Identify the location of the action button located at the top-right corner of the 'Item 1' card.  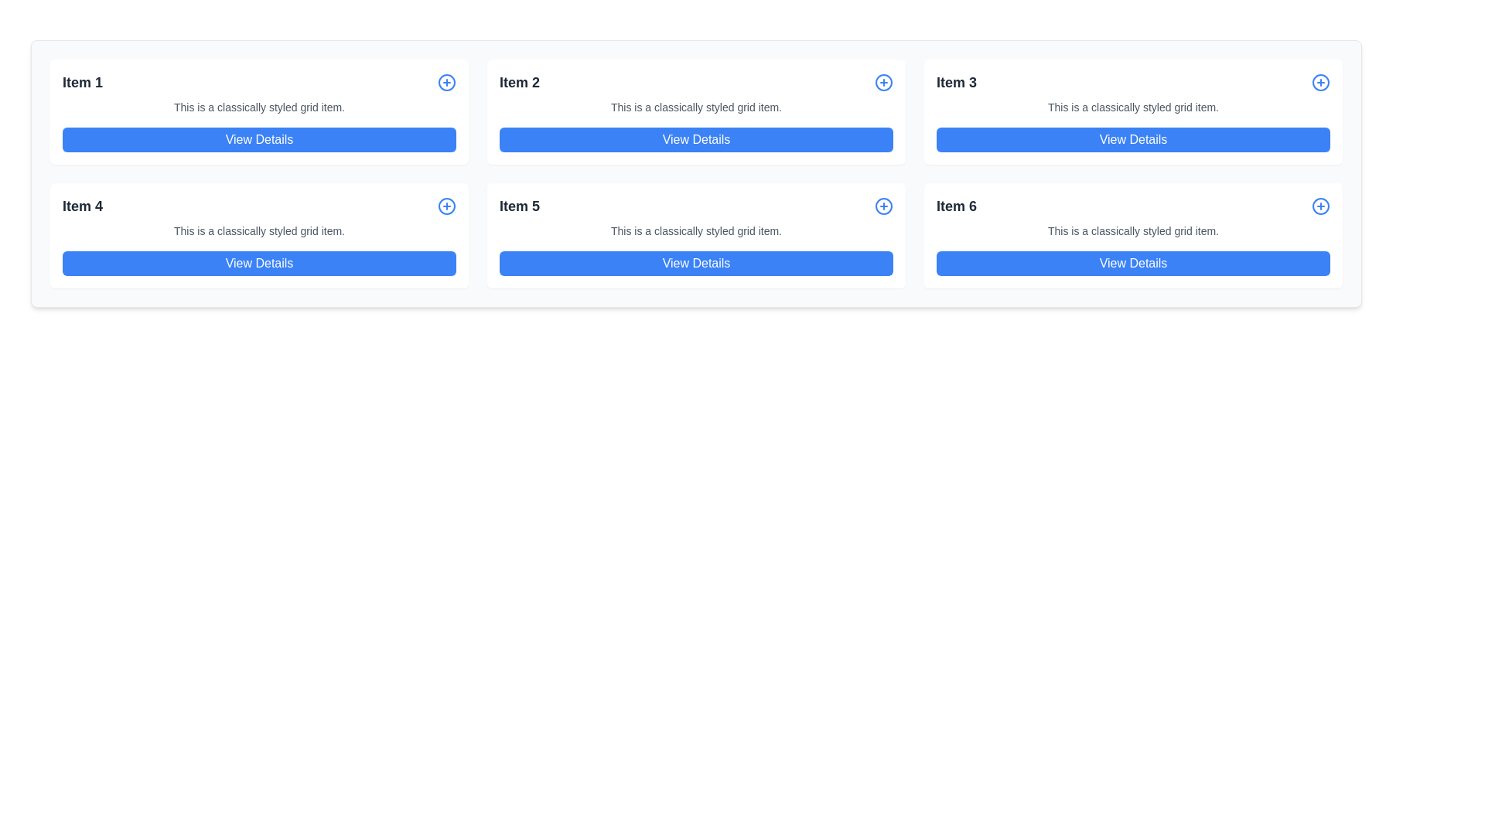
(445, 83).